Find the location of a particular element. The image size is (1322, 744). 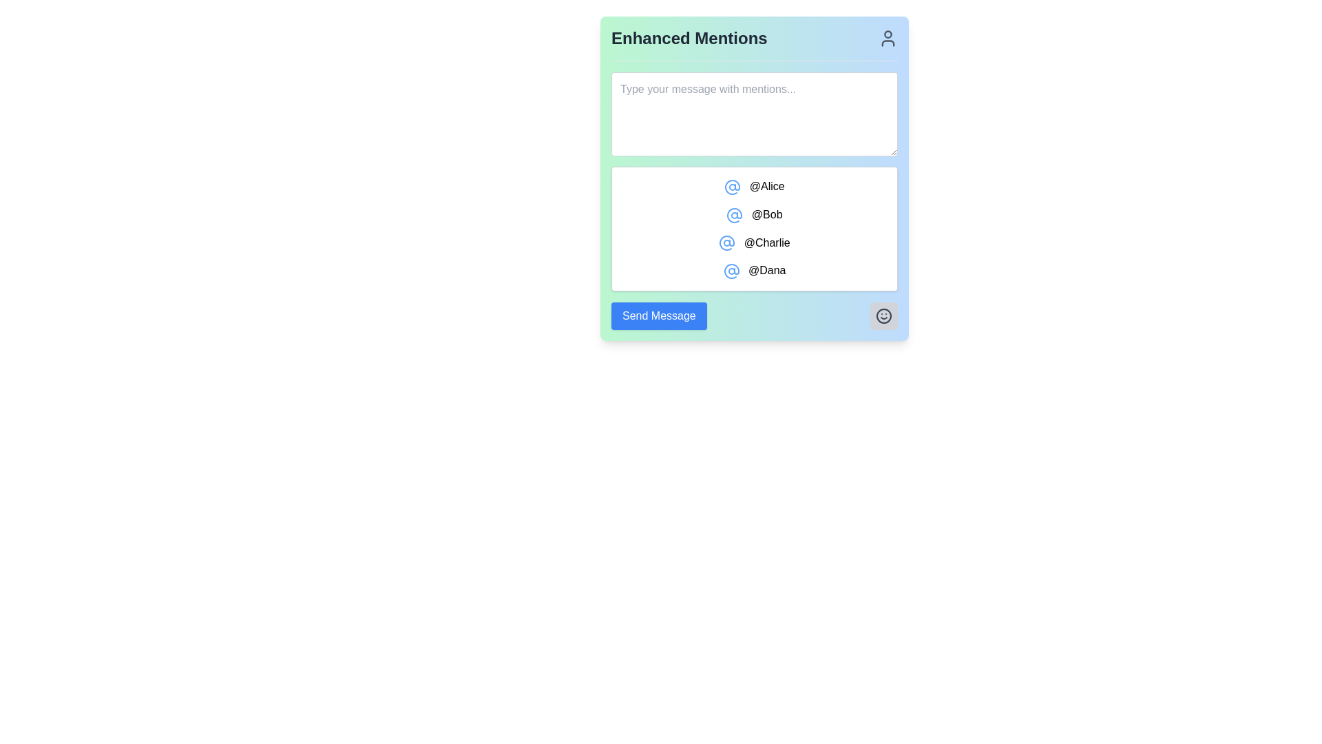

circular node of the smiley face icon located in the bottom-right corner of the 'Enhanced Mentions' dialog box for debugging purposes is located at coordinates (883, 316).